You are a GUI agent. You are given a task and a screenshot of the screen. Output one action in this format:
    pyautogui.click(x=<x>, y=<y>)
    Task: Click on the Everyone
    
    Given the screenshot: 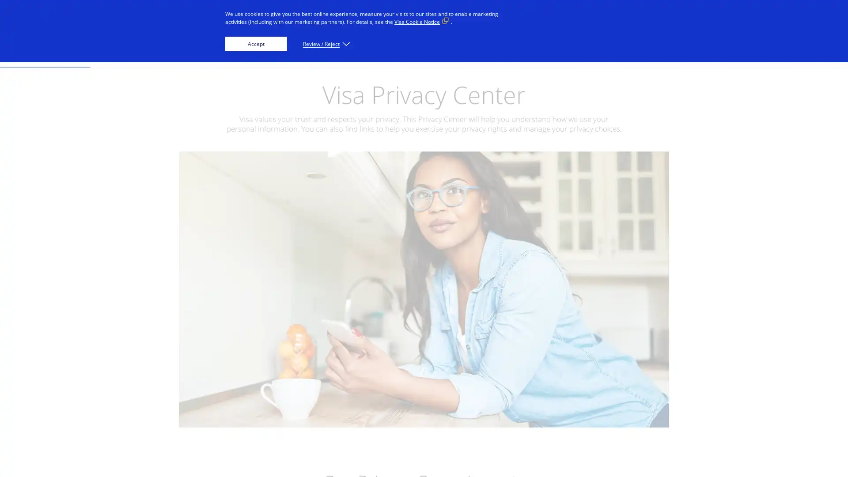 What is the action you would take?
    pyautogui.click(x=541, y=23)
    